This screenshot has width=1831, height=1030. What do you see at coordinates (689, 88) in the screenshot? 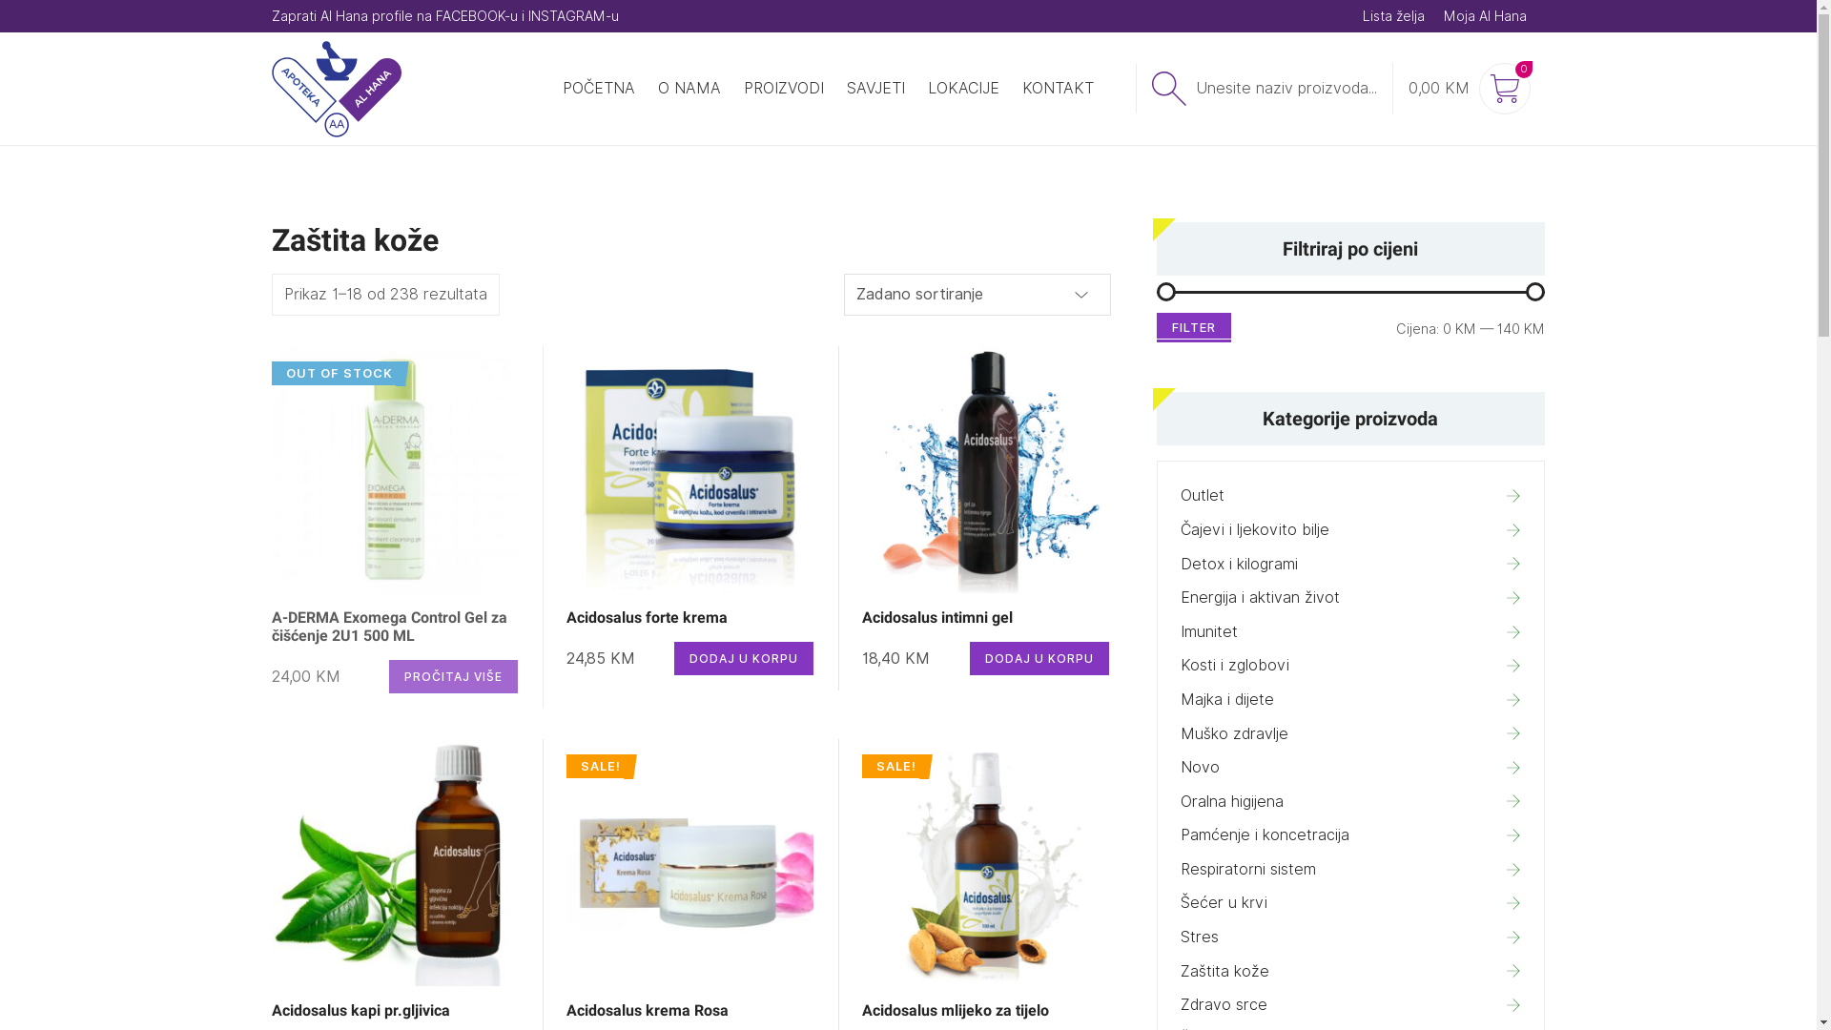
I see `'O NAMA'` at bounding box center [689, 88].